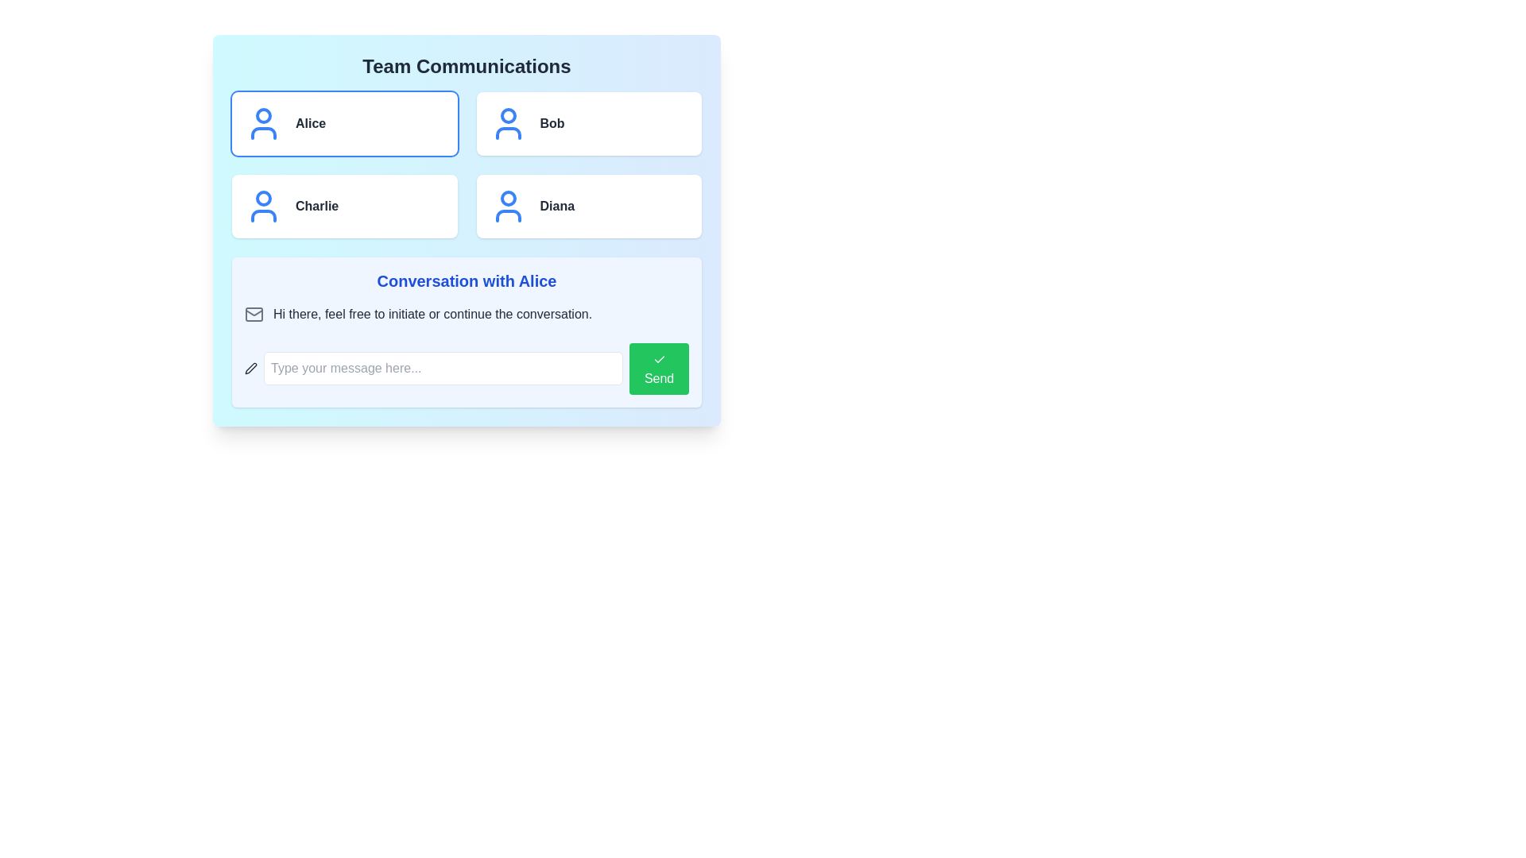 The image size is (1526, 858). I want to click on the decorative SVG circle that represents the user's head in the avatar icon, so click(507, 198).